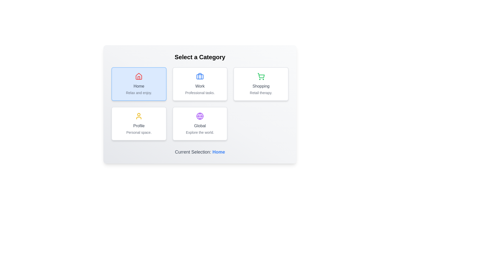  Describe the element at coordinates (139, 124) in the screenshot. I see `the category button corresponding to Profile` at that location.